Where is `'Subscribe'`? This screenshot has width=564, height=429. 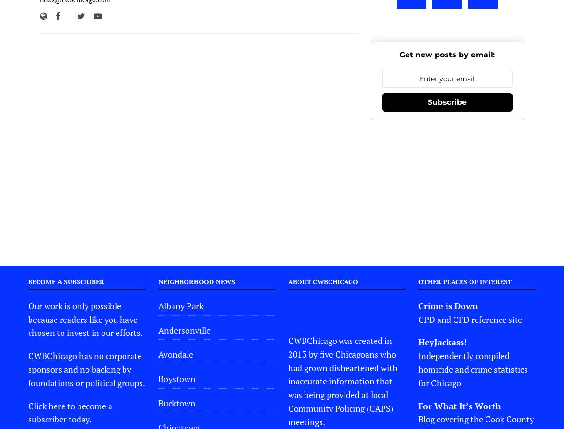
'Subscribe' is located at coordinates (447, 101).